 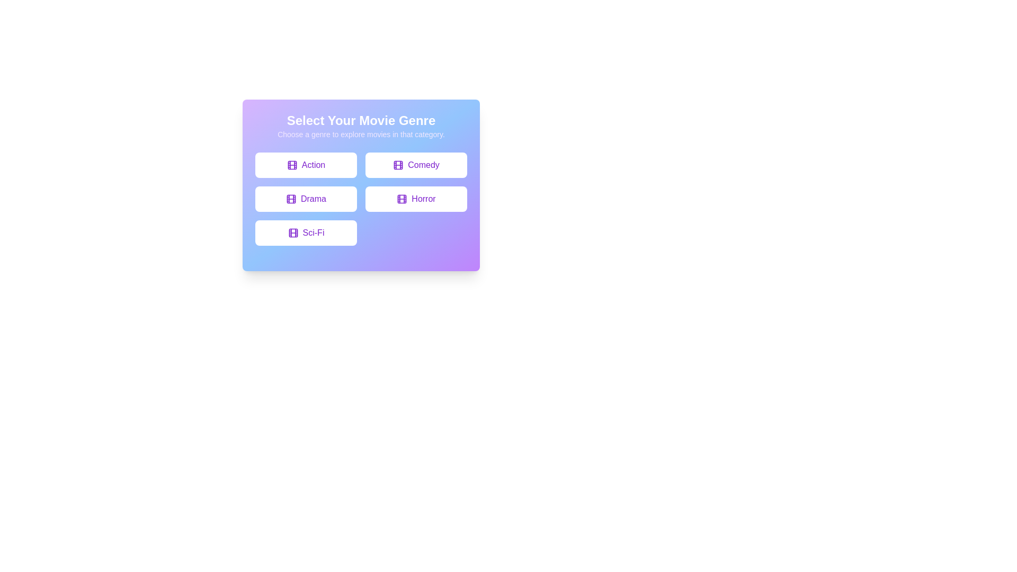 I want to click on the button corresponding to the genre Horror, so click(x=416, y=199).